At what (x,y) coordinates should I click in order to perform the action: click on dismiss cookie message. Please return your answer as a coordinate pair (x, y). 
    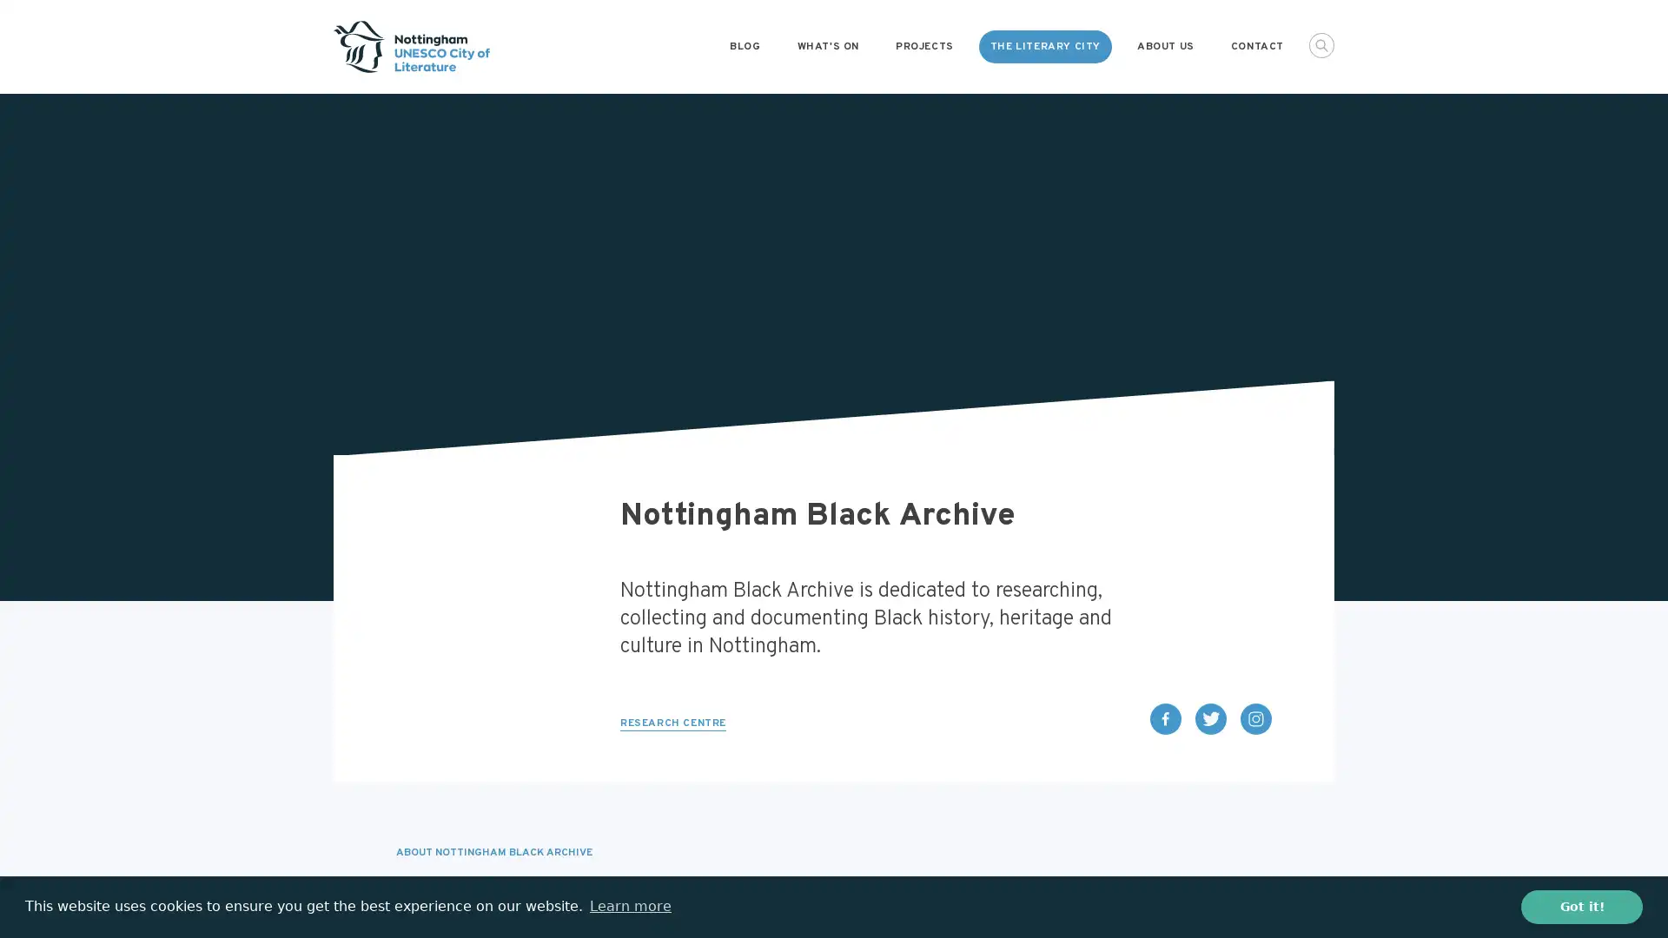
    Looking at the image, I should click on (1581, 906).